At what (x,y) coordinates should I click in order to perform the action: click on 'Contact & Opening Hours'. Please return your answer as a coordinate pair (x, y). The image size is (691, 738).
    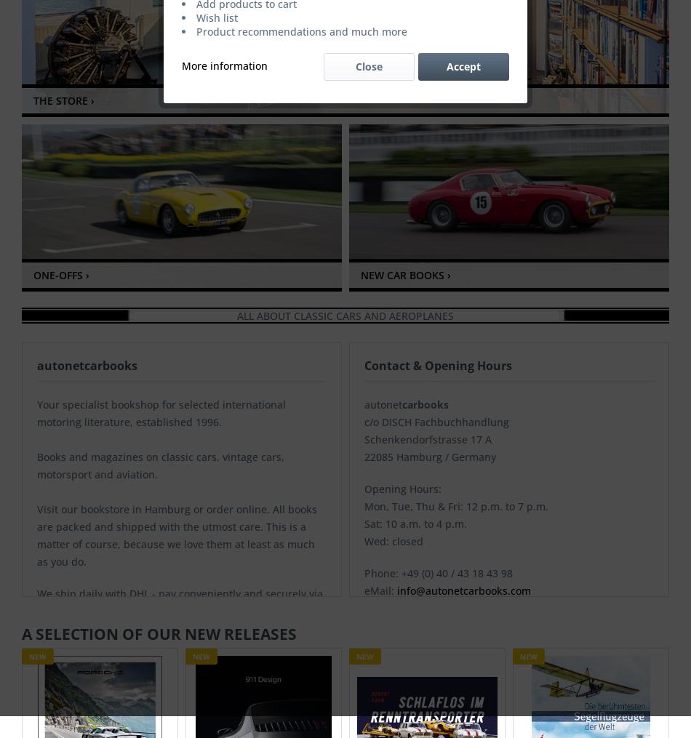
    Looking at the image, I should click on (438, 364).